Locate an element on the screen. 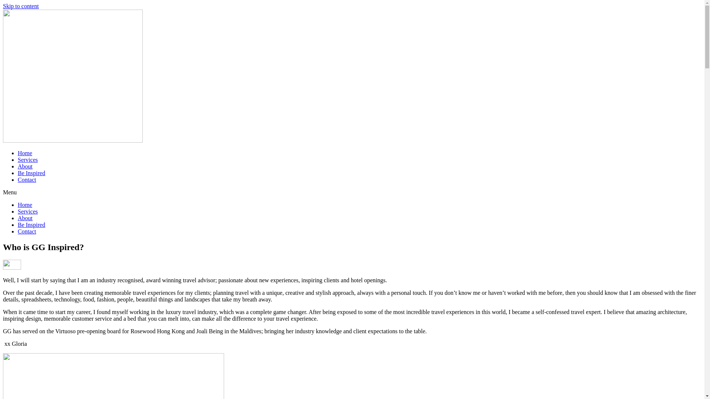  'Be Inspired' is located at coordinates (31, 173).